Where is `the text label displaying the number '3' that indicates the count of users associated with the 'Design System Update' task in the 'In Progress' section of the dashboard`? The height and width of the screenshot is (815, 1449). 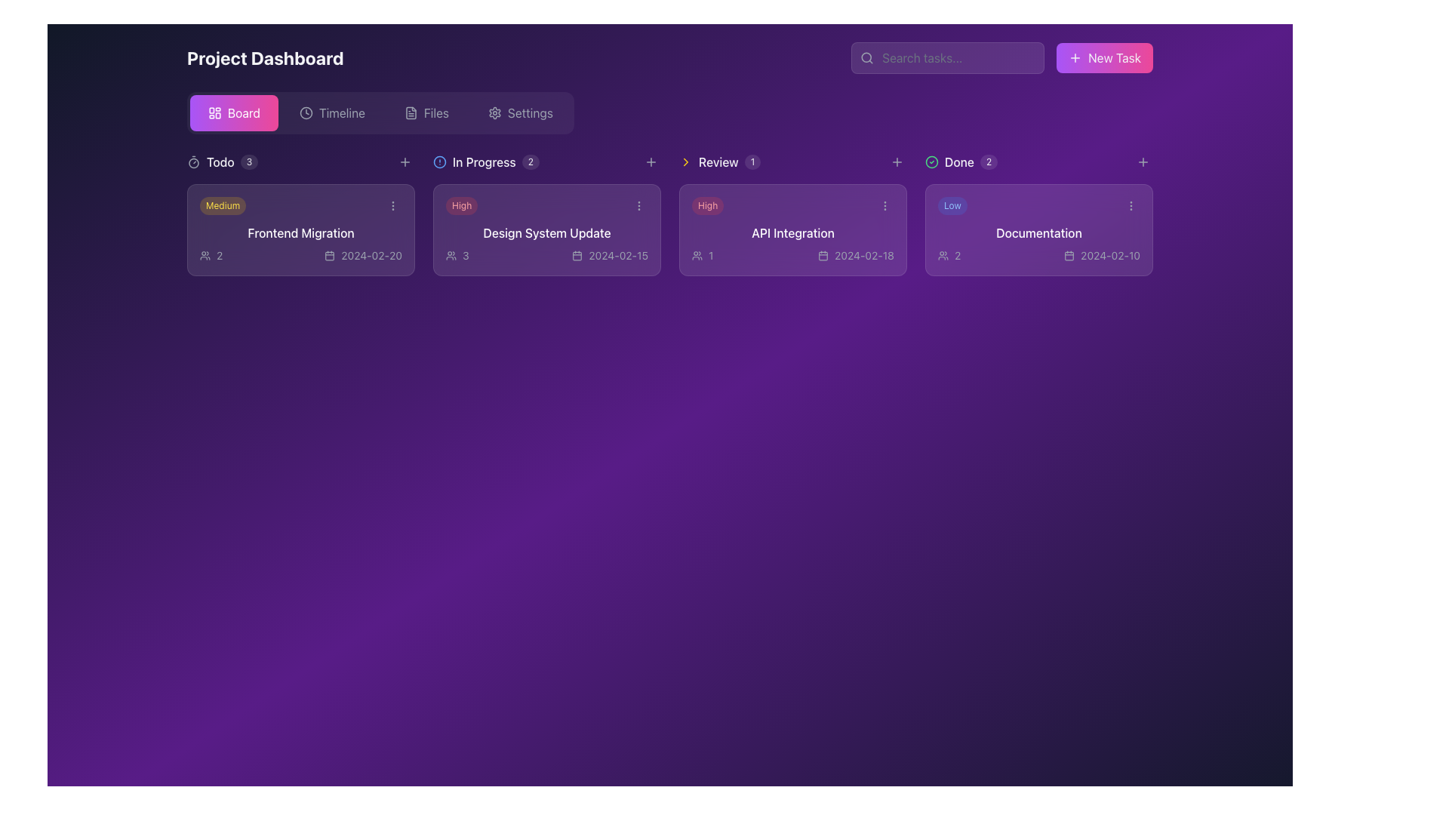
the text label displaying the number '3' that indicates the count of users associated with the 'Design System Update' task in the 'In Progress' section of the dashboard is located at coordinates (465, 255).